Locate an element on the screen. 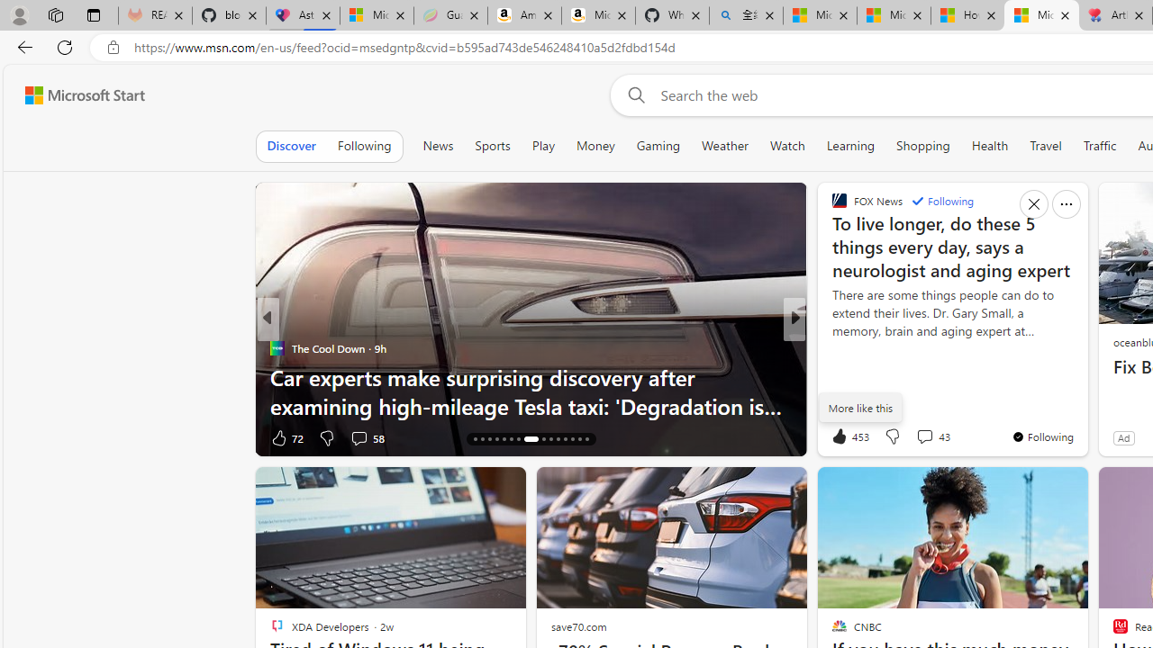 Image resolution: width=1153 pixels, height=648 pixels. '453 Like' is located at coordinates (848, 436).